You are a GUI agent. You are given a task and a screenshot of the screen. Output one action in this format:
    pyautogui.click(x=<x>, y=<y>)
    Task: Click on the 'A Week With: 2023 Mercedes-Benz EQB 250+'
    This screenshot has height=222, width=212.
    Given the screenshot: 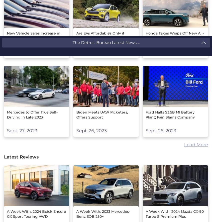 What is the action you would take?
    pyautogui.click(x=103, y=213)
    